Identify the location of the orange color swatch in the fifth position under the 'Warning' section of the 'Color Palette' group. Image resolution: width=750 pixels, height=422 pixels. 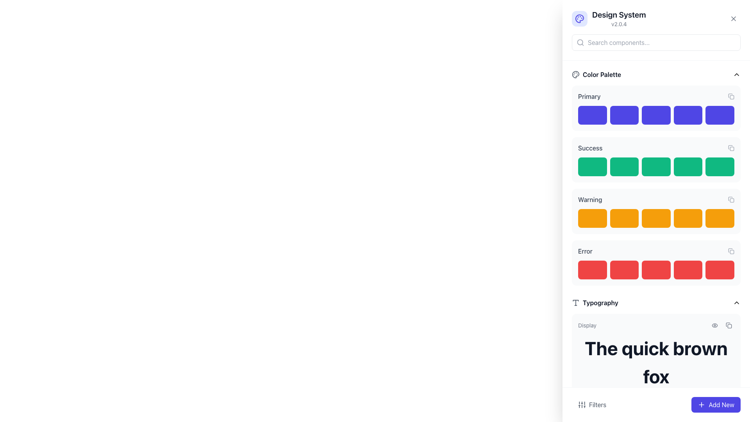
(720, 218).